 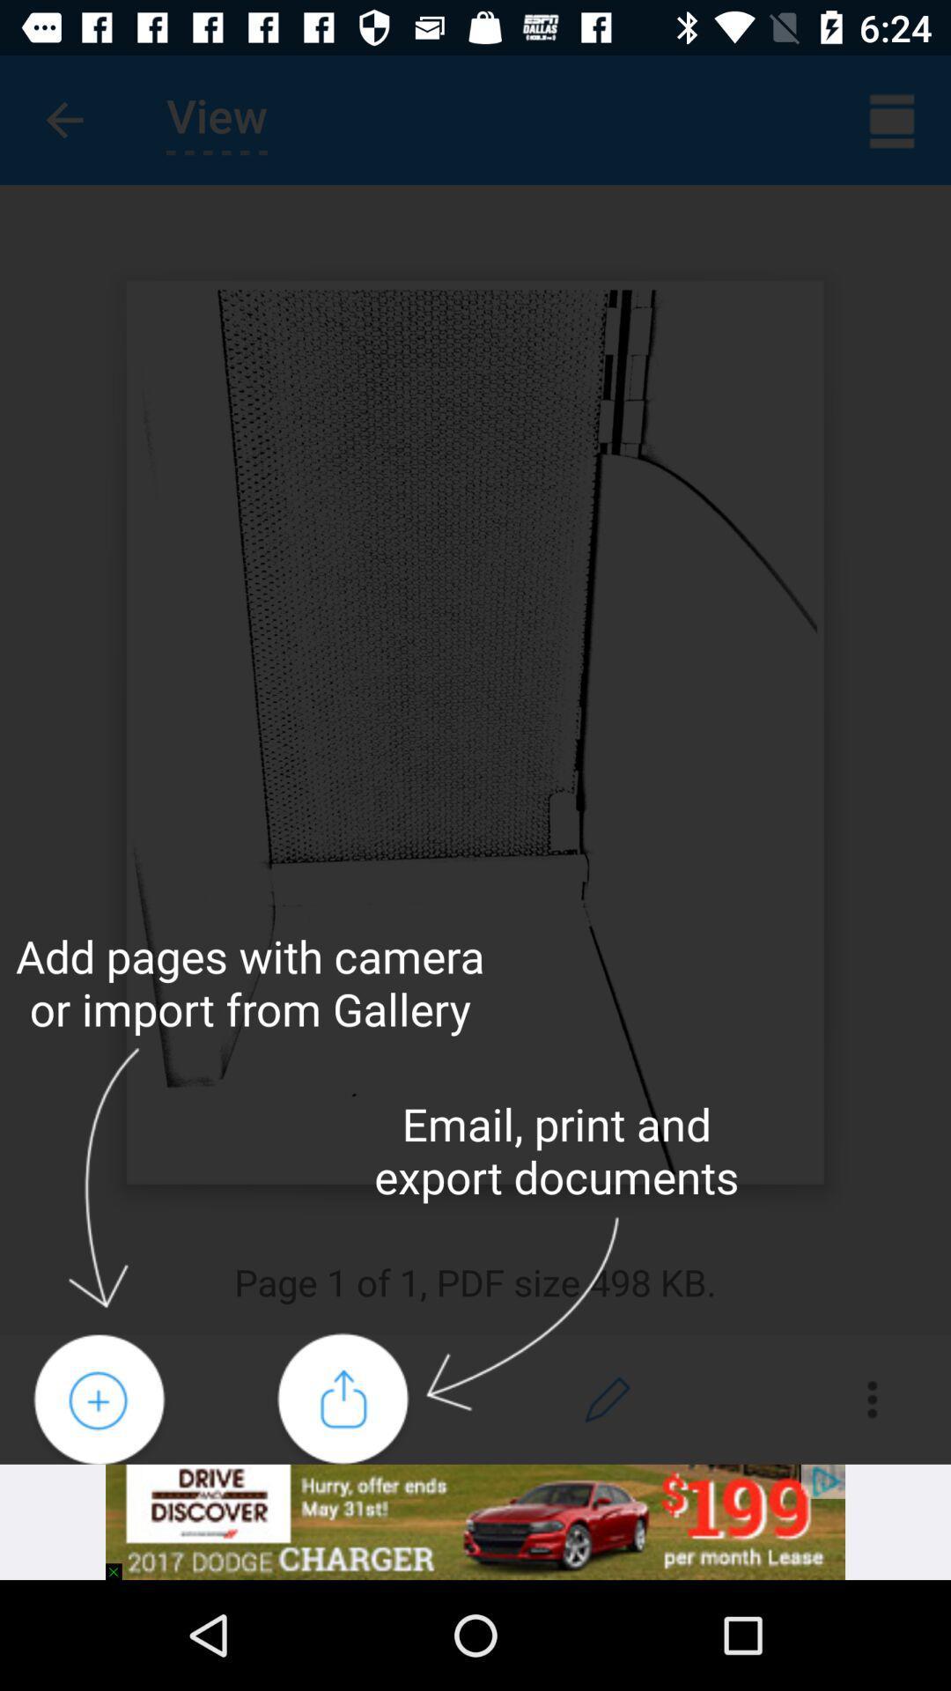 What do you see at coordinates (343, 1399) in the screenshot?
I see `the share icon` at bounding box center [343, 1399].